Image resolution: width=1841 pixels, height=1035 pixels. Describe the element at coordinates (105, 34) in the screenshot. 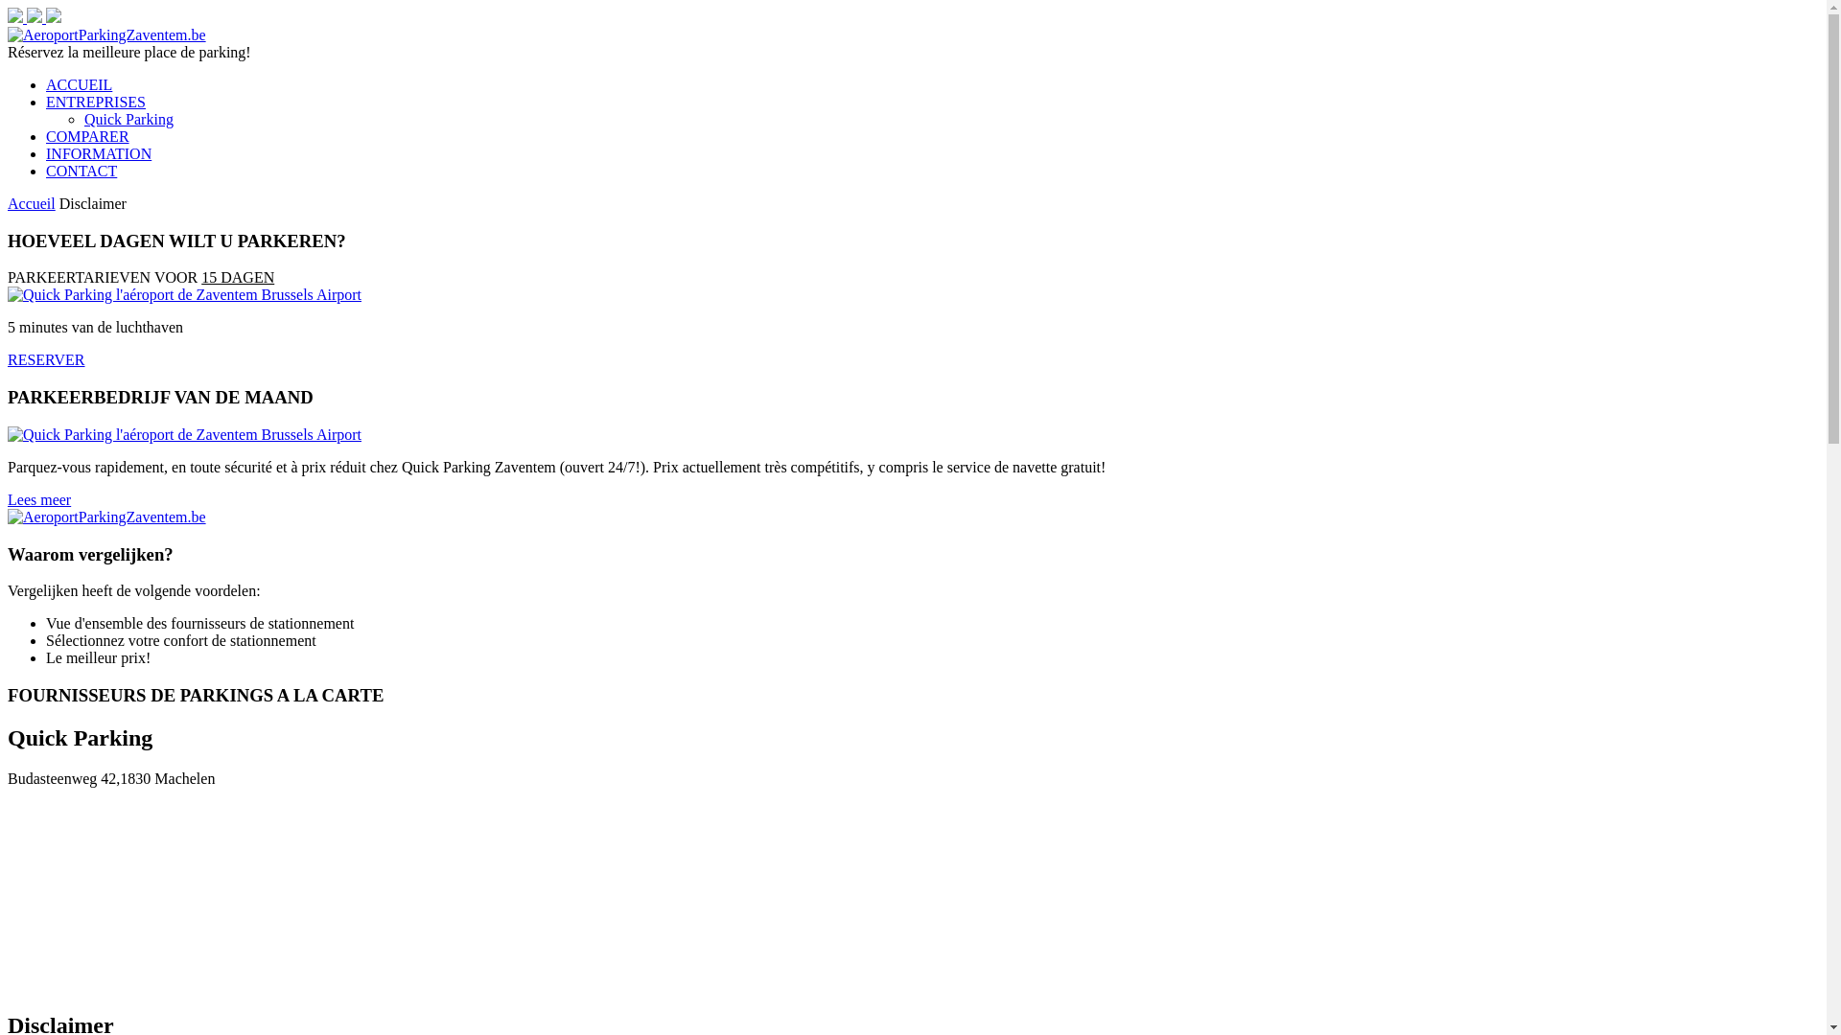

I see `'AeroportParkingZaventem.be'` at that location.